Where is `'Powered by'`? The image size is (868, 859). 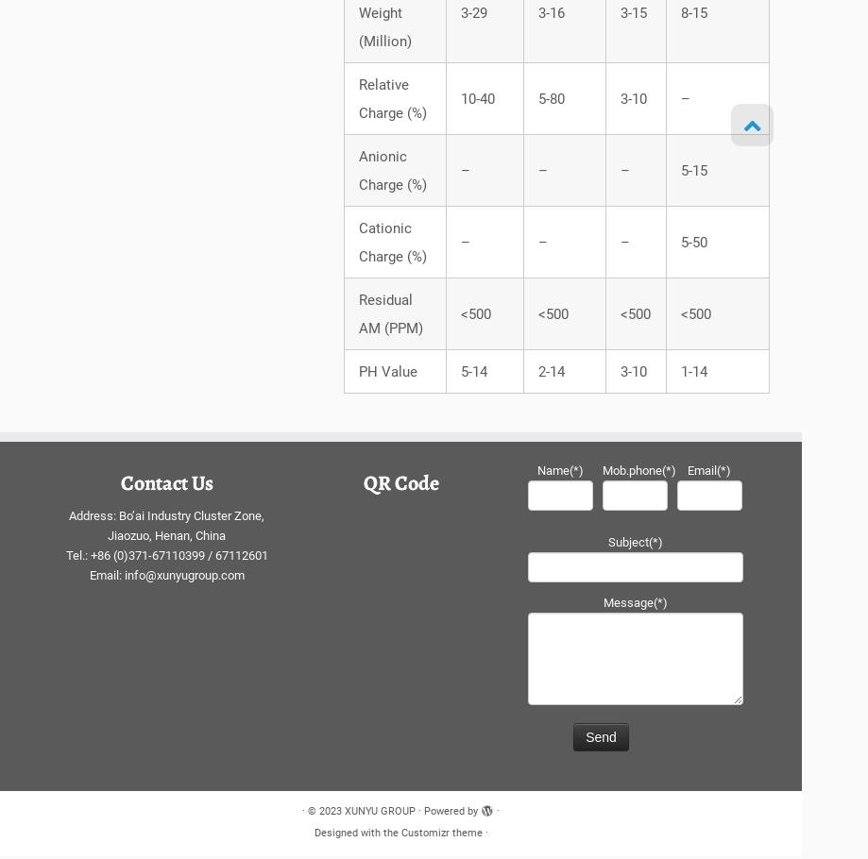 'Powered by' is located at coordinates (450, 814).